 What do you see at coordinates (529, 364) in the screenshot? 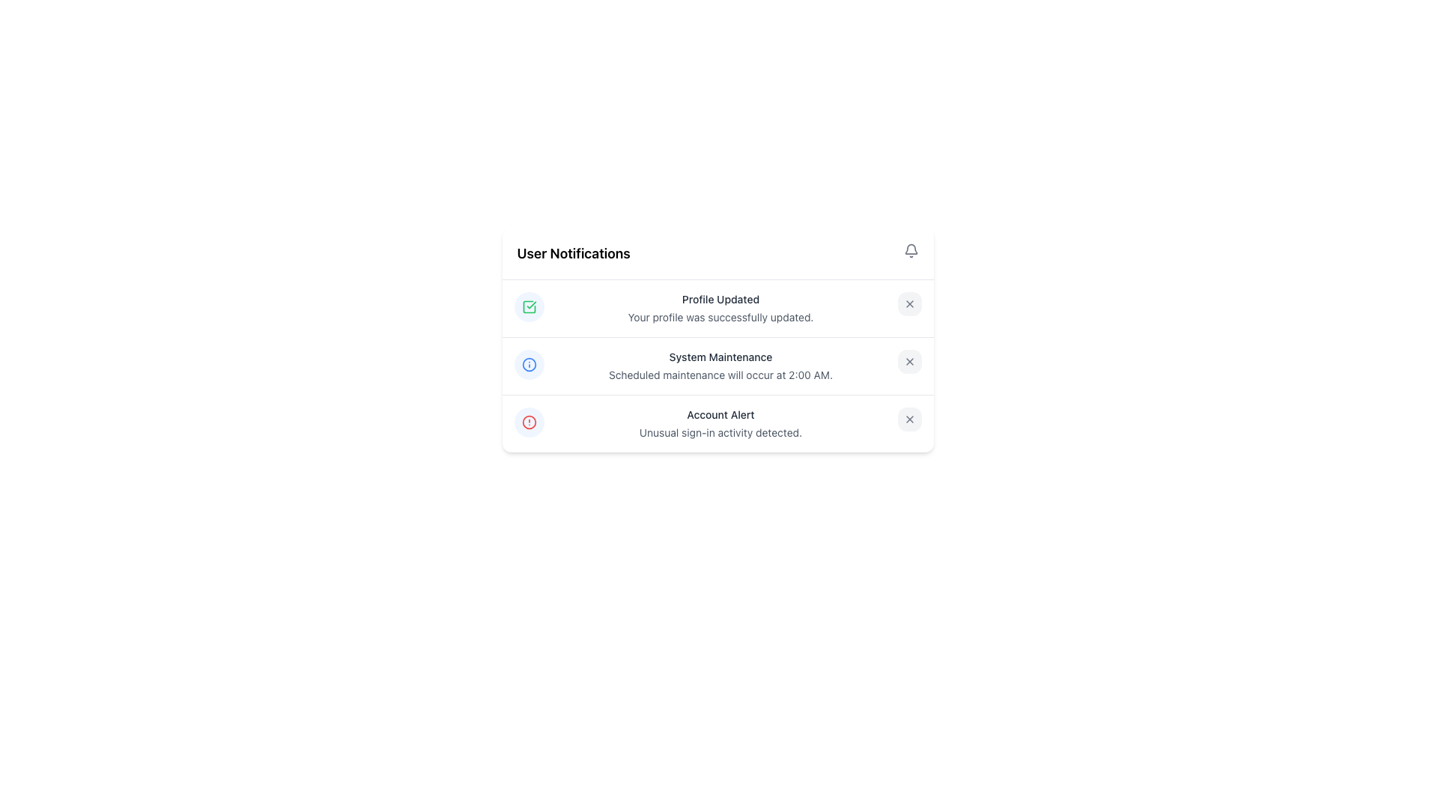
I see `the circular element with a blue outline located at the center of the third notification under the 'User Notifications' section, within the 'Account Alert' icon` at bounding box center [529, 364].